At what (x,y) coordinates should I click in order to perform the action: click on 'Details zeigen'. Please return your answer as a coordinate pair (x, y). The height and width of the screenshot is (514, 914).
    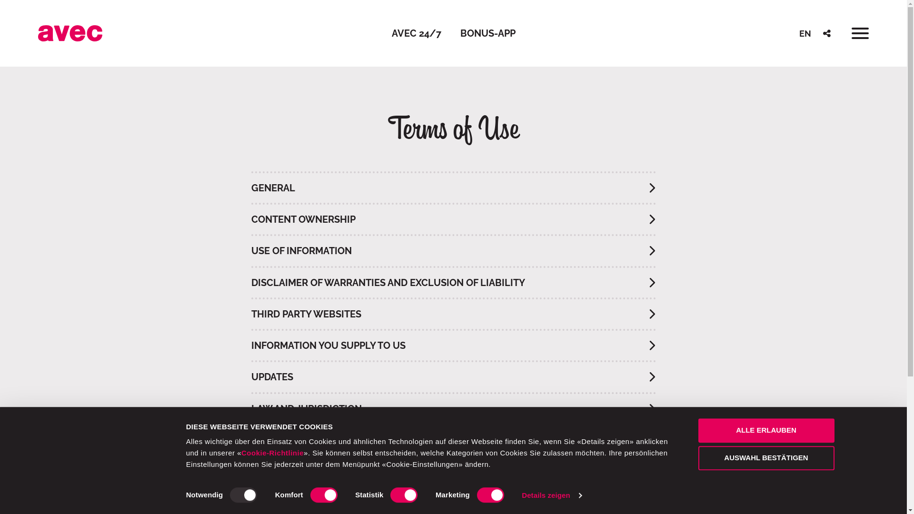
    Looking at the image, I should click on (551, 495).